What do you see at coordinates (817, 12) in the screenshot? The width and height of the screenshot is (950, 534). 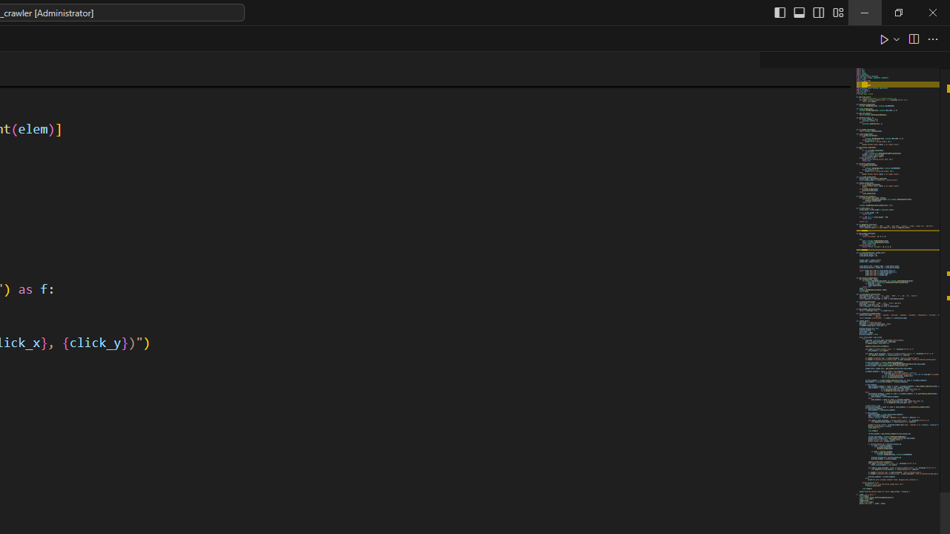 I see `'Toggle Secondary Side Bar (Ctrl+Alt+B)'` at bounding box center [817, 12].